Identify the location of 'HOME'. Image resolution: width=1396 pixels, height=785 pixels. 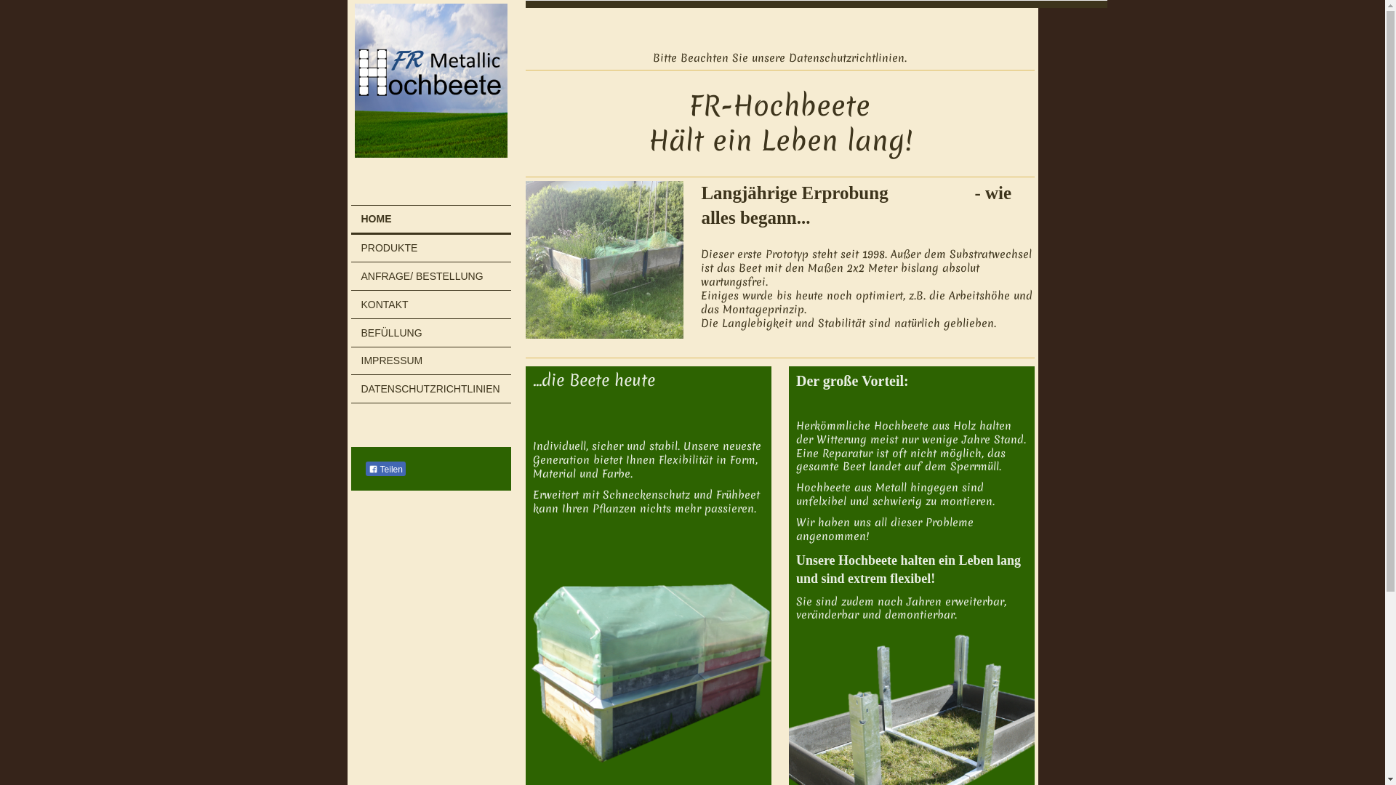
(350, 220).